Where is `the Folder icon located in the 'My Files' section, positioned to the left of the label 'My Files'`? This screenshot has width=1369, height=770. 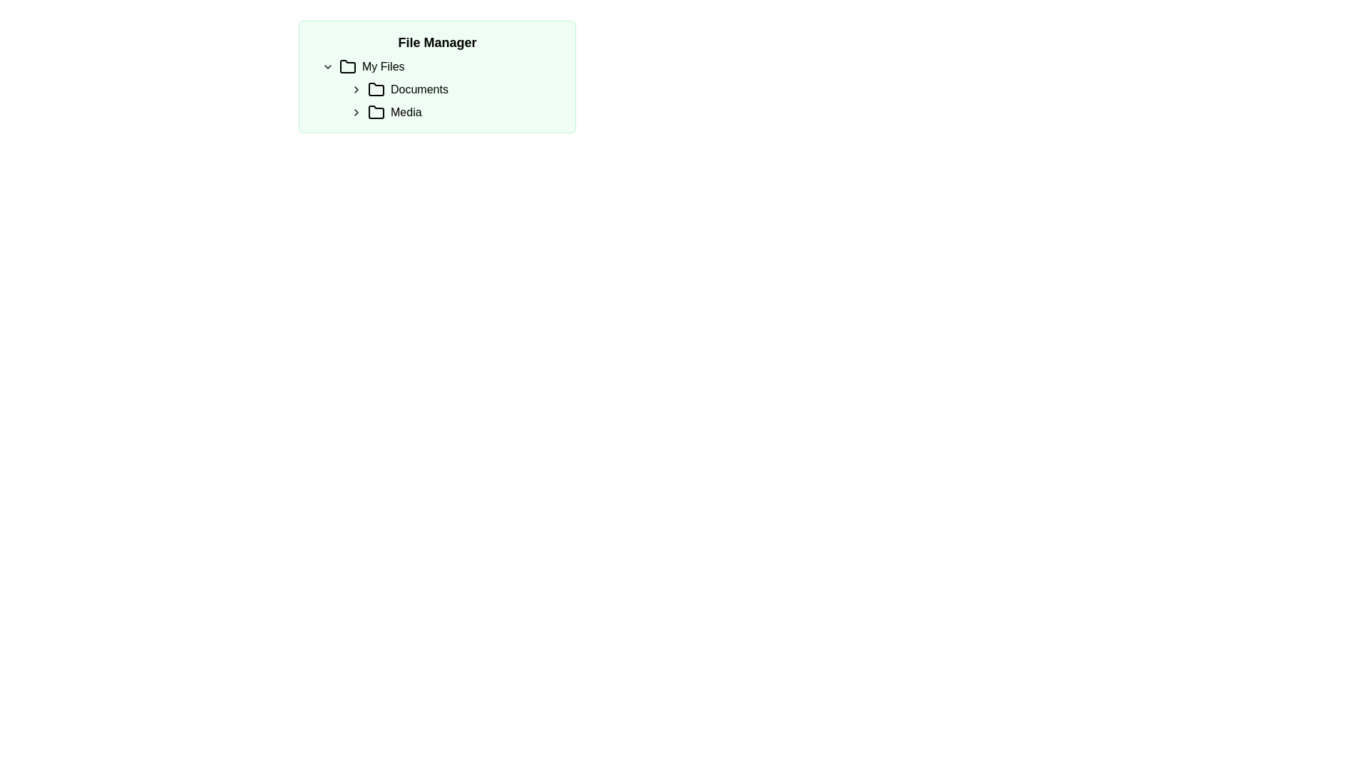
the Folder icon located in the 'My Files' section, positioned to the left of the label 'My Files' is located at coordinates (348, 66).